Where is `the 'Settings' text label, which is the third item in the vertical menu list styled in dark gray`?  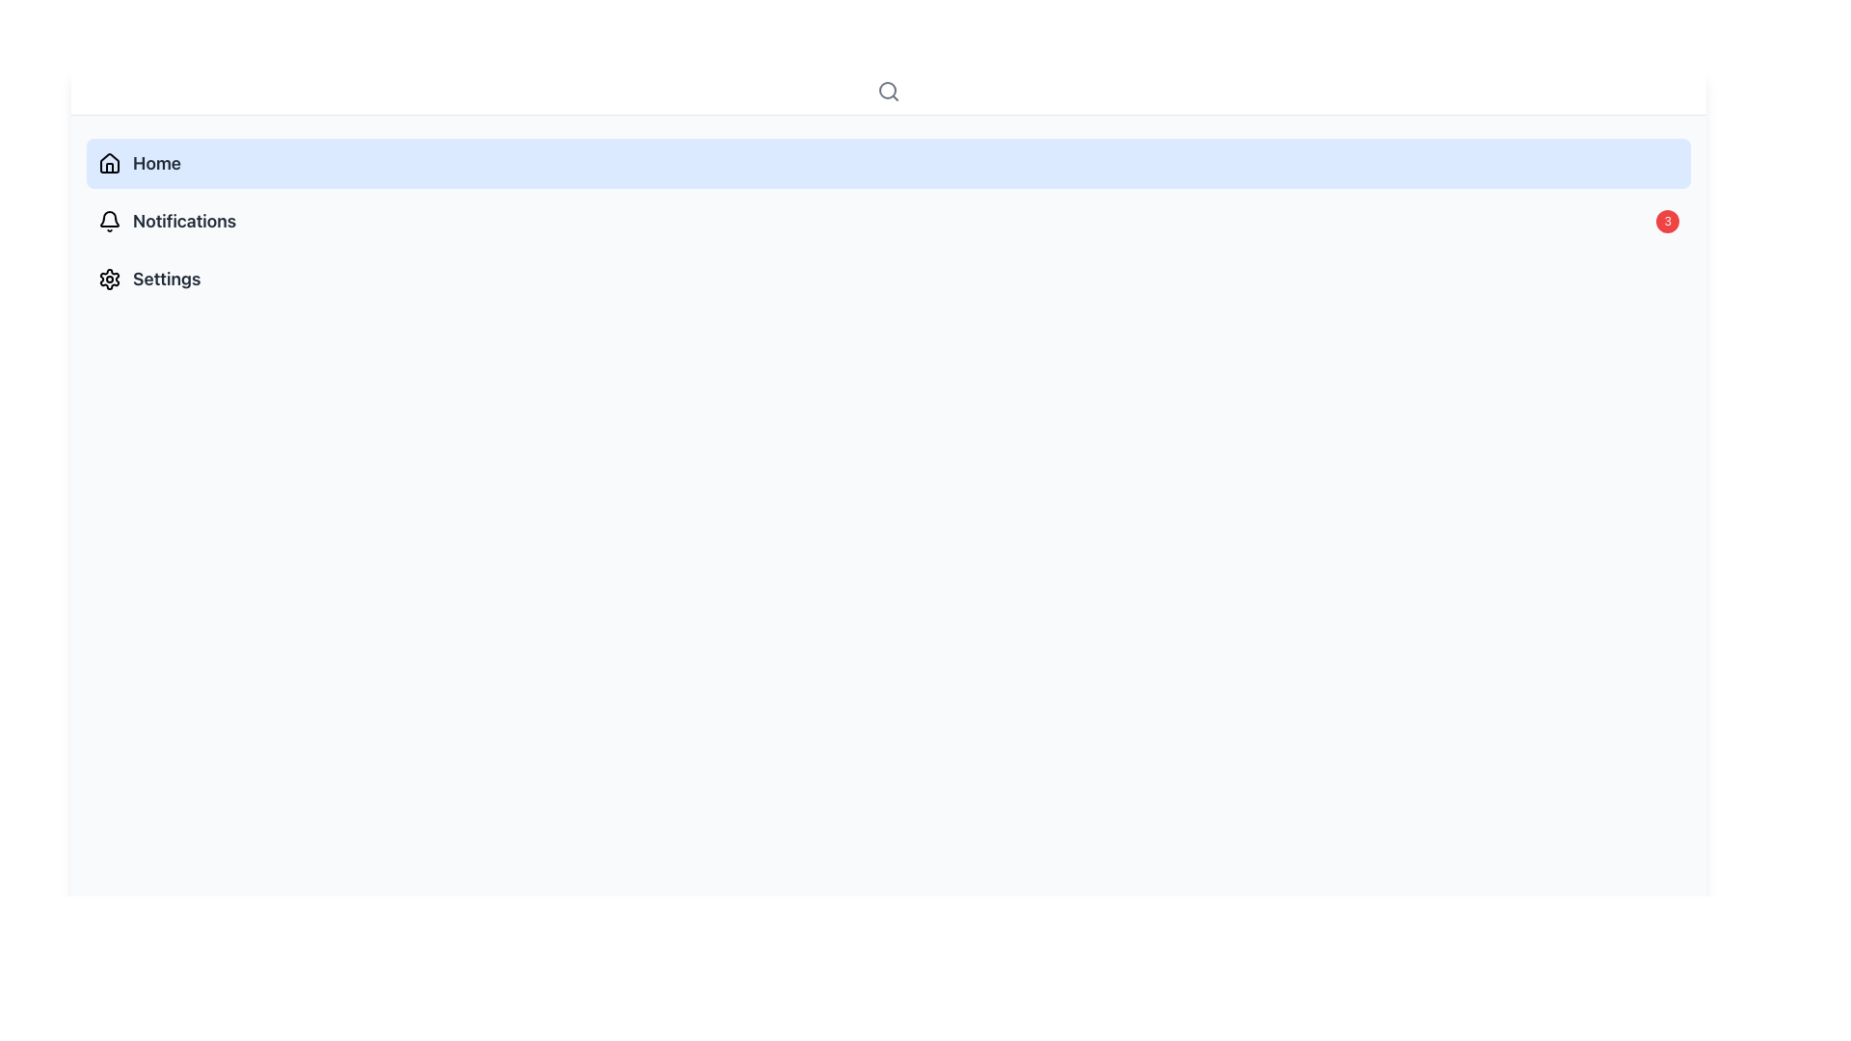 the 'Settings' text label, which is the third item in the vertical menu list styled in dark gray is located at coordinates (167, 279).